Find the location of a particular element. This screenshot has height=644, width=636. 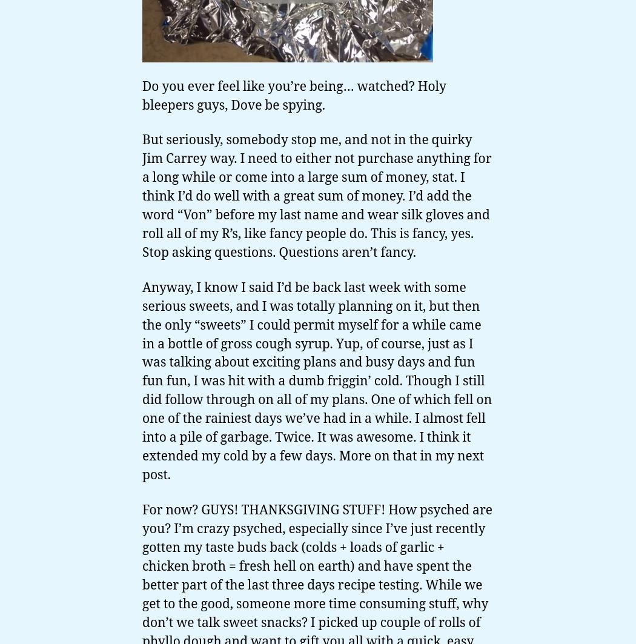

'Turning 30 Is Like A Pie In The Face. But It’s Pie, So, Ok.' is located at coordinates (164, 156).